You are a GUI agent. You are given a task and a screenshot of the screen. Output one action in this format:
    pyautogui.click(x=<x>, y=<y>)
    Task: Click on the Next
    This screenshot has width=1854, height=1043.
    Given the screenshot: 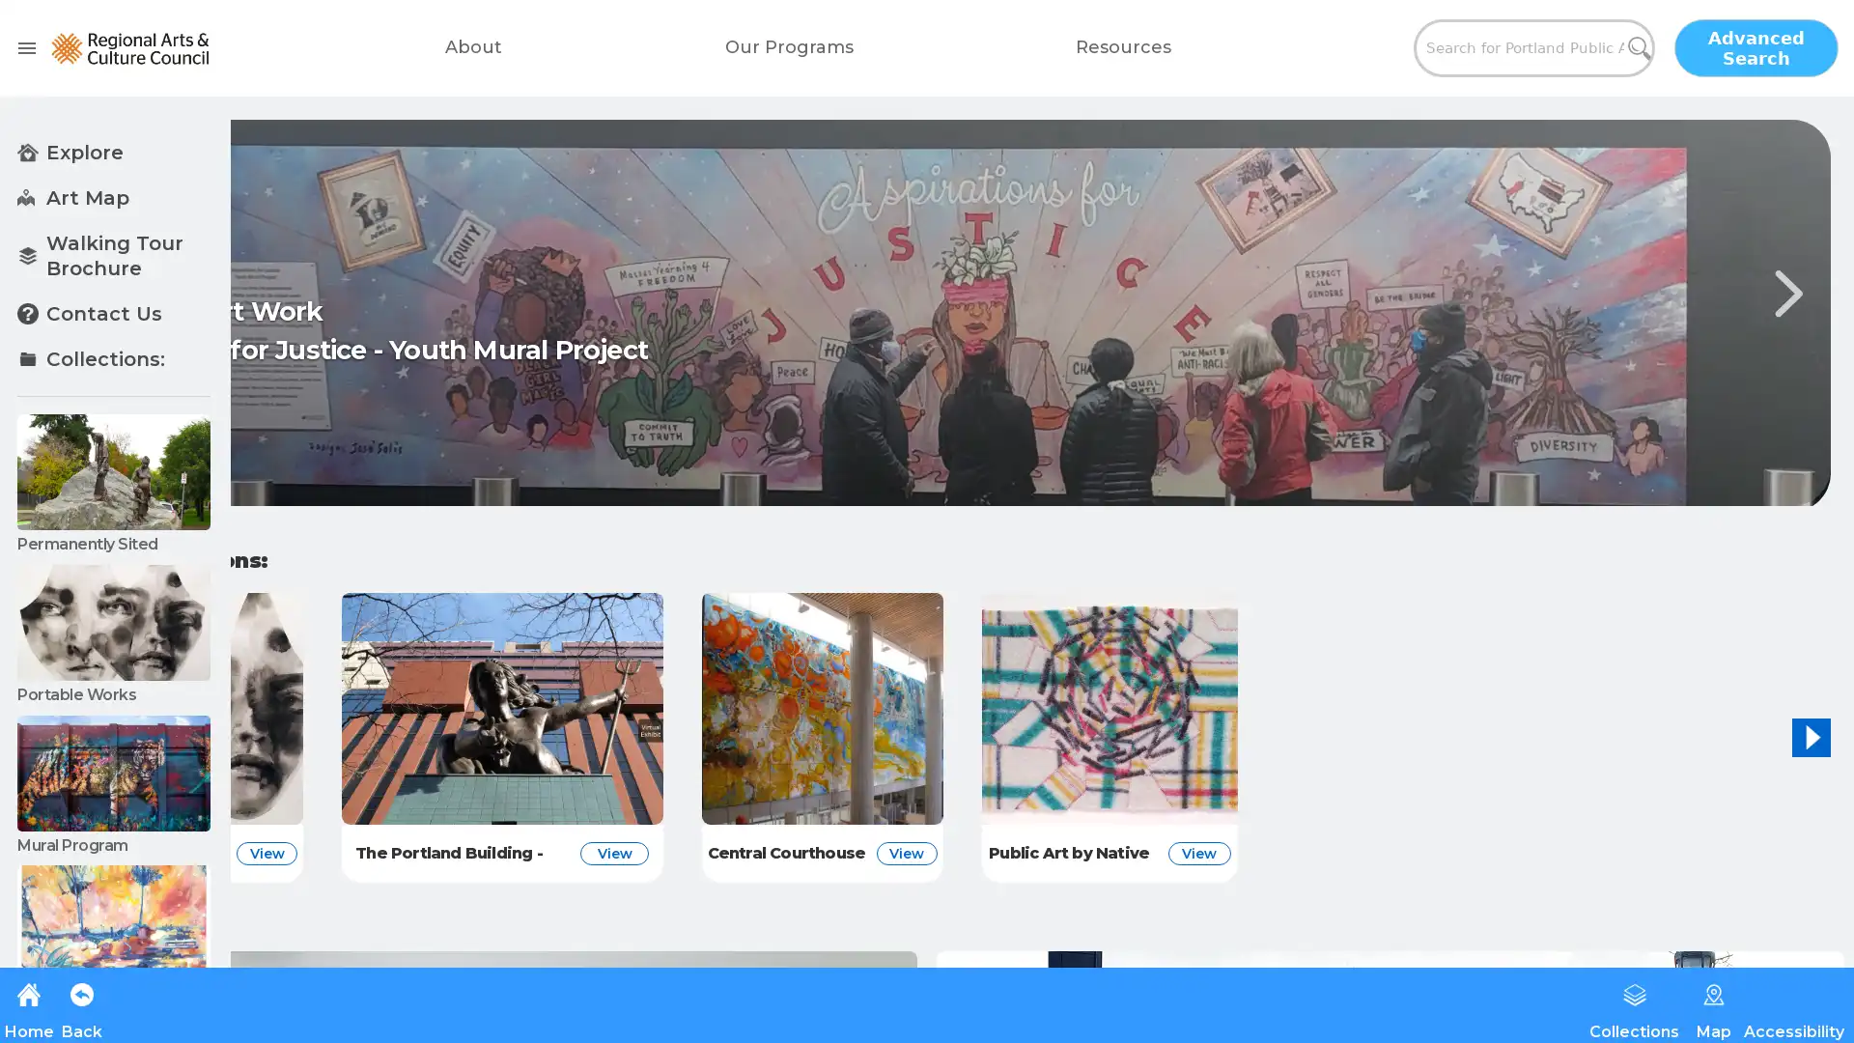 What is the action you would take?
    pyautogui.click(x=1788, y=294)
    